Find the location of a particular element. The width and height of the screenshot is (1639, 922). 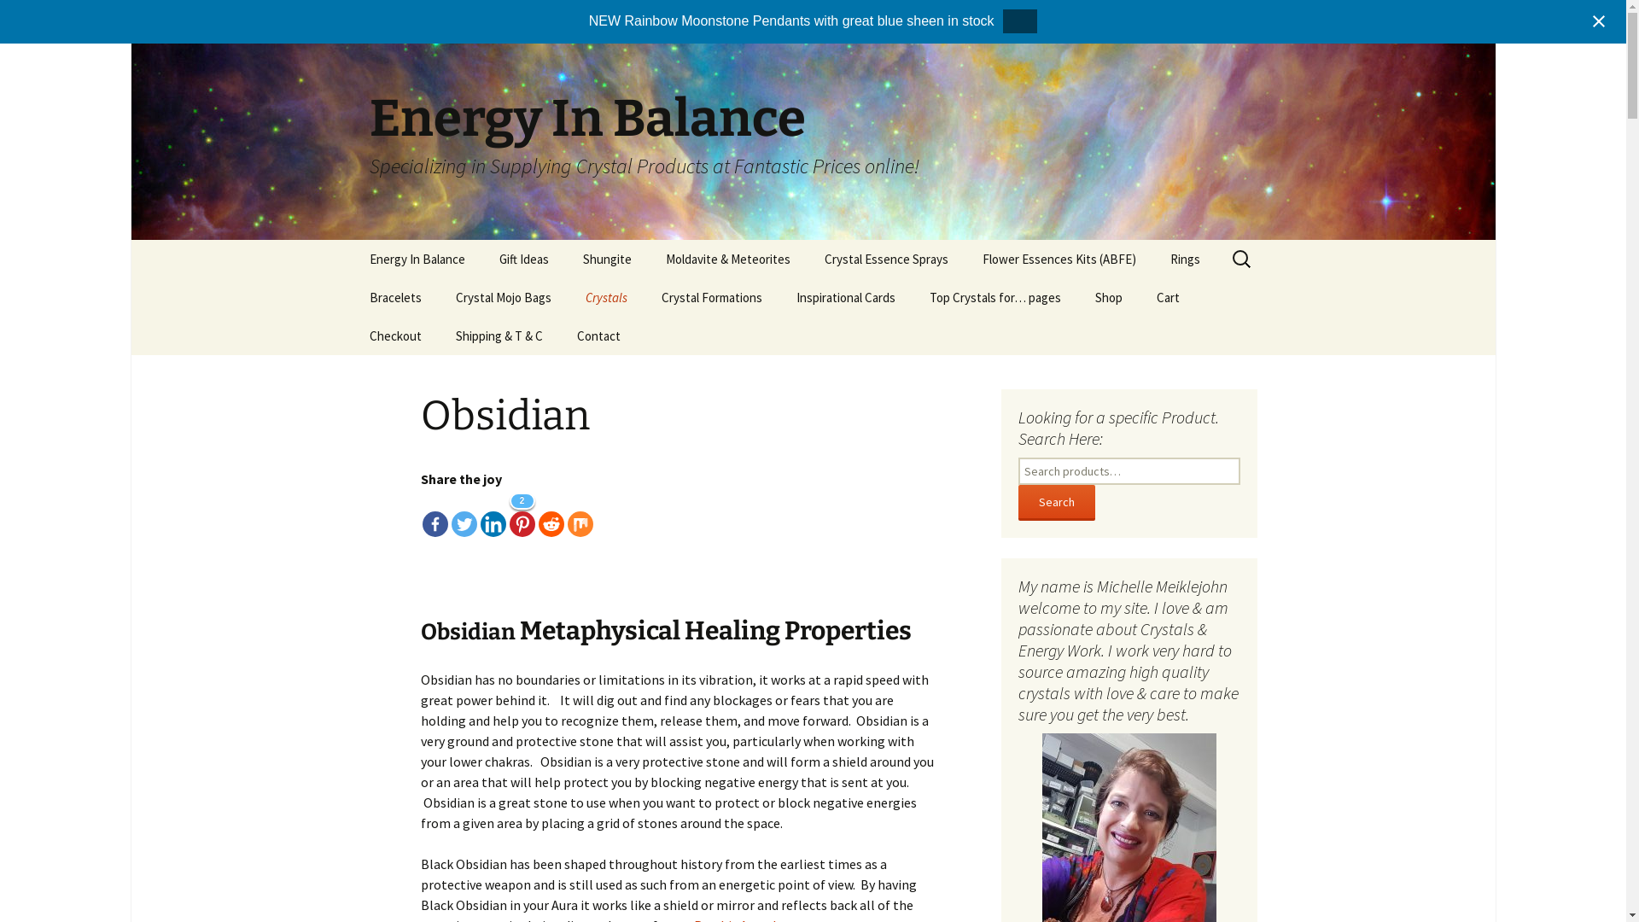

'Inspirational Cards' is located at coordinates (844, 296).